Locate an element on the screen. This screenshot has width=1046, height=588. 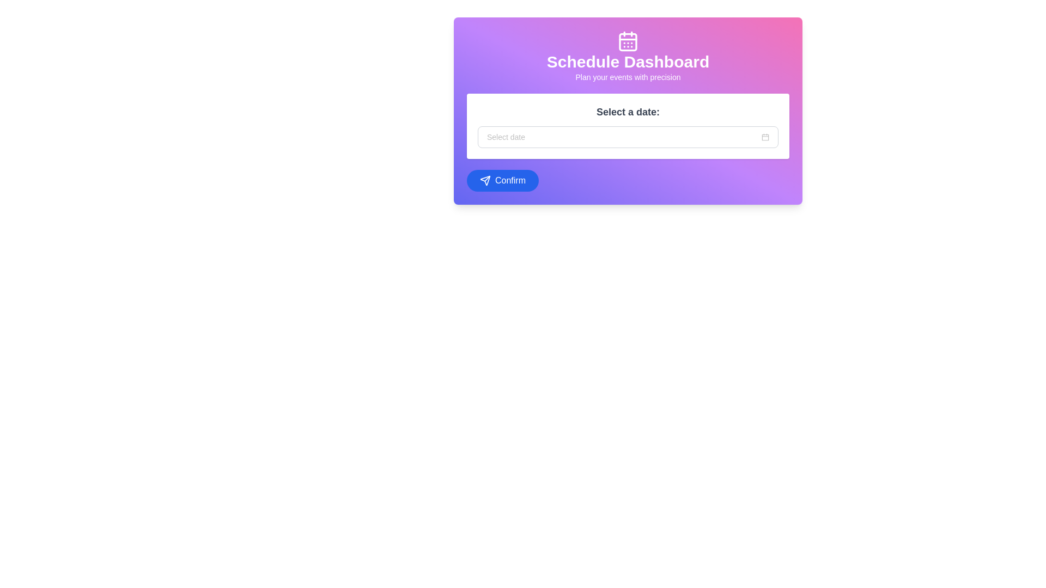
the calendar icon representing the 'Schedule Dashboard' feature located at the top center of the panel is located at coordinates (628, 41).